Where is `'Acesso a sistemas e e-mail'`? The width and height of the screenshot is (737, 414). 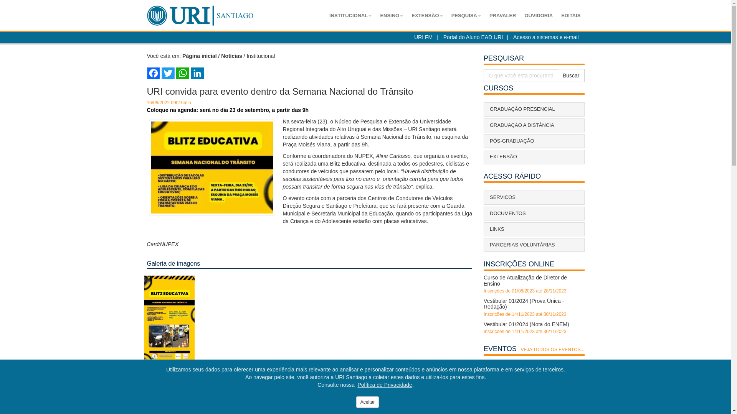 'Acesso a sistemas e e-mail' is located at coordinates (545, 37).